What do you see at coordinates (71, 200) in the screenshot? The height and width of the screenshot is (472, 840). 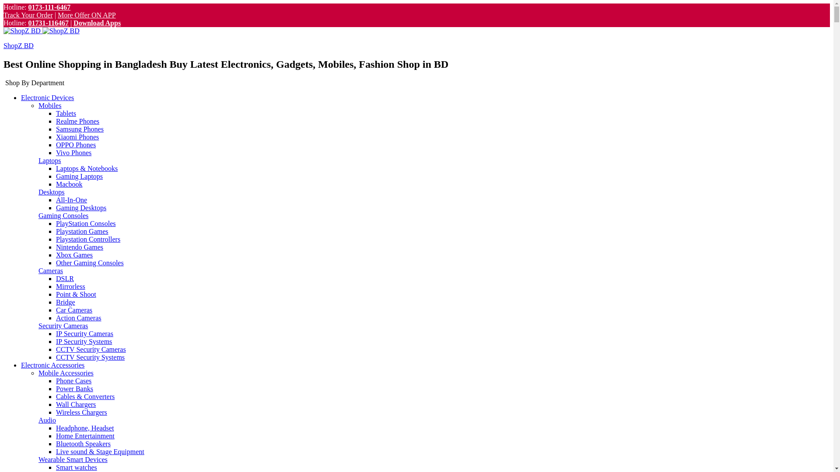 I see `'All-In-One'` at bounding box center [71, 200].